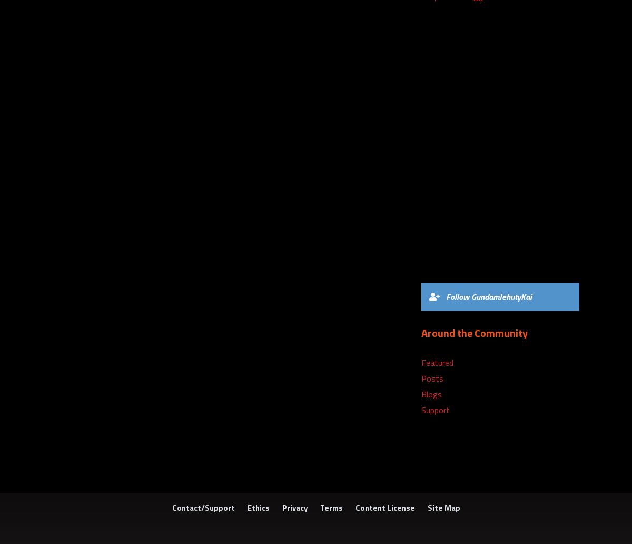 Image resolution: width=632 pixels, height=544 pixels. I want to click on 'Follow GundamJehutyKai', so click(489, 296).